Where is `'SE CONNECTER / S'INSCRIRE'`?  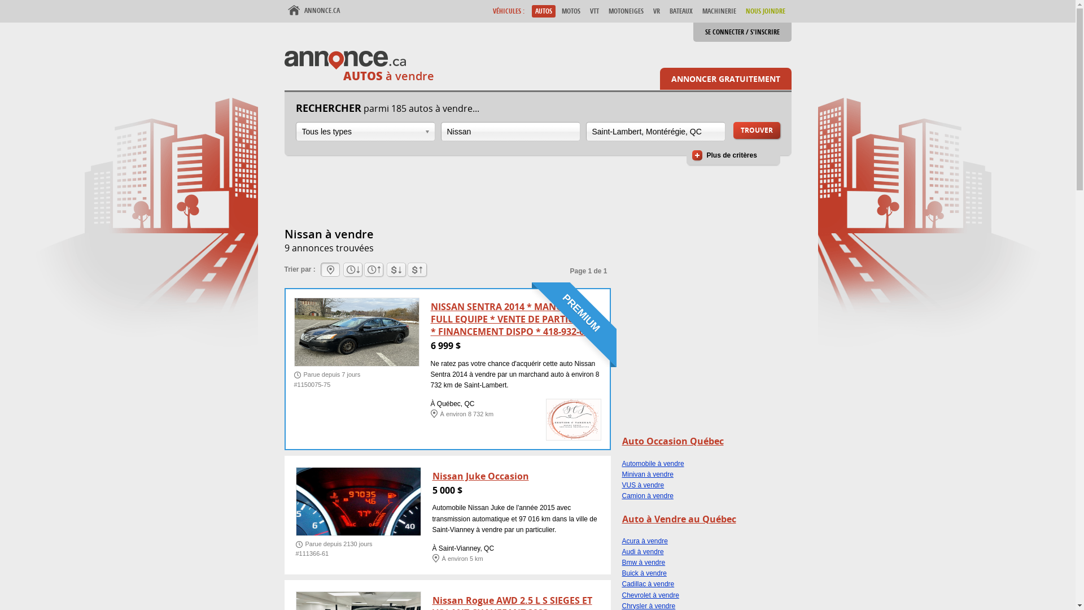 'SE CONNECTER / S'INSCRIRE' is located at coordinates (742, 32).